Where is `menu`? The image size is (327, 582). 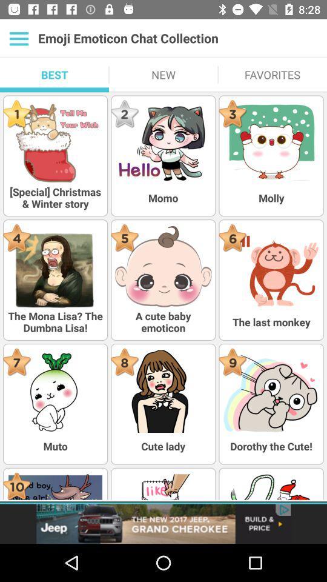
menu is located at coordinates (18, 38).